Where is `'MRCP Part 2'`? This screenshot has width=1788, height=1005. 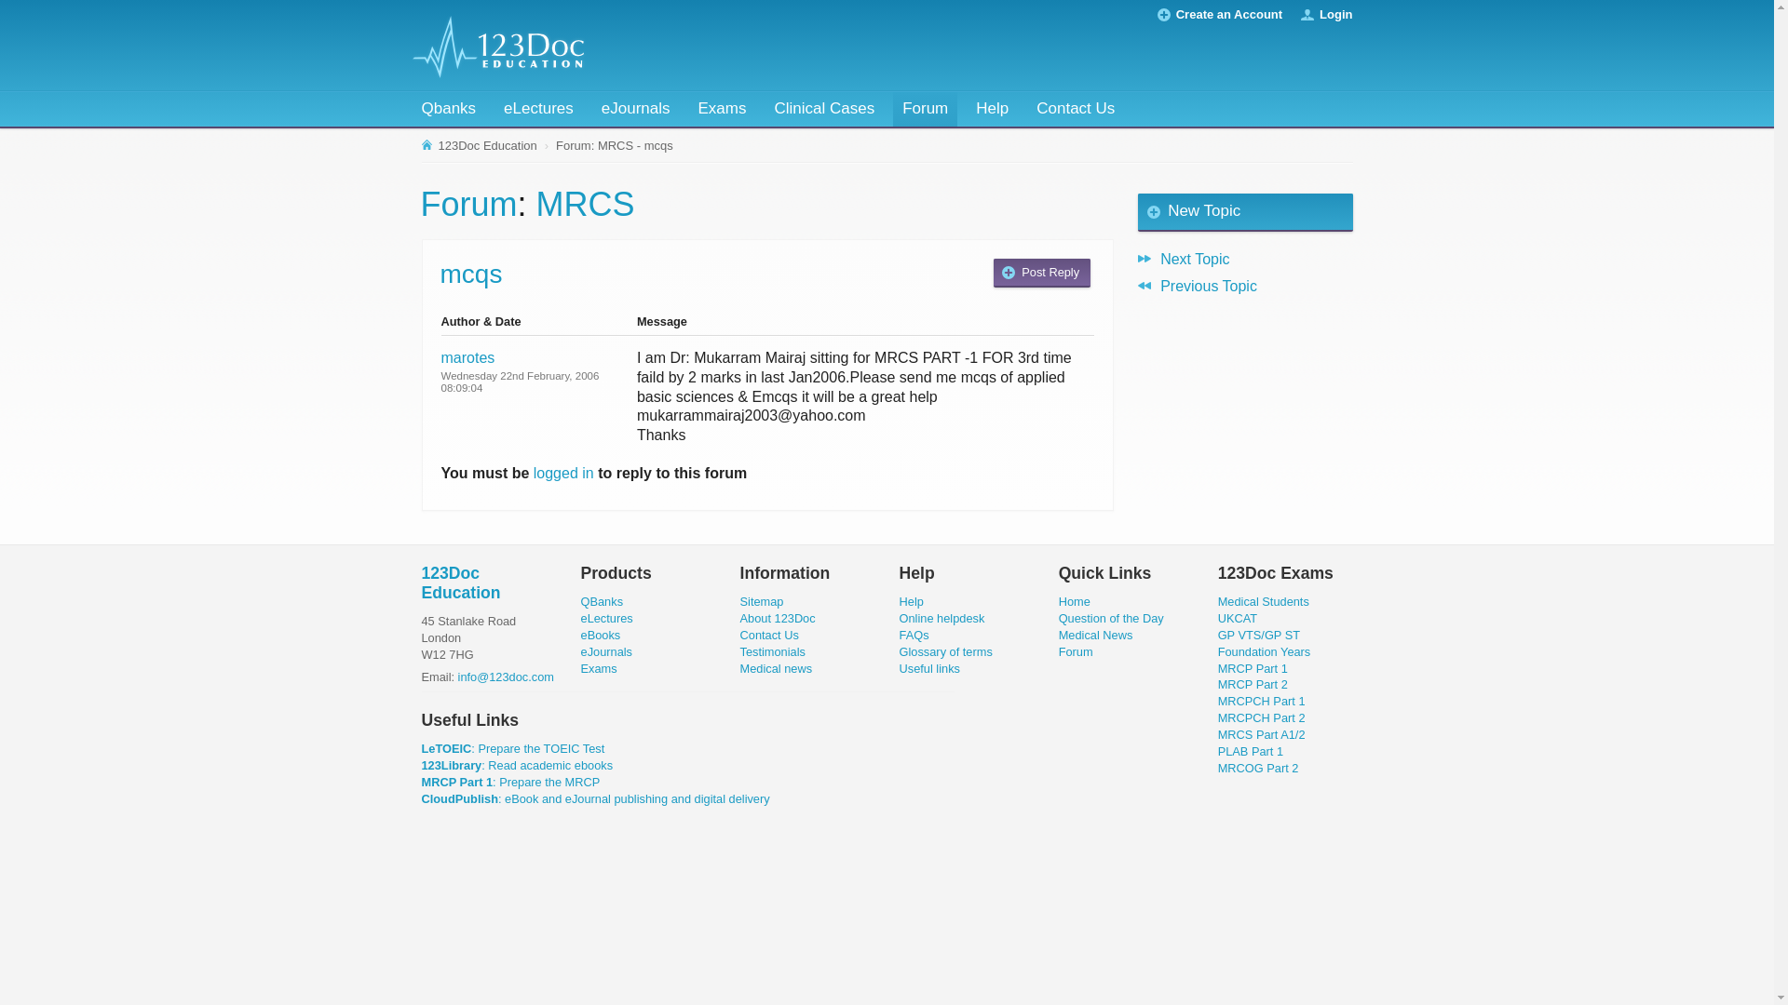
'MRCP Part 2' is located at coordinates (1253, 684).